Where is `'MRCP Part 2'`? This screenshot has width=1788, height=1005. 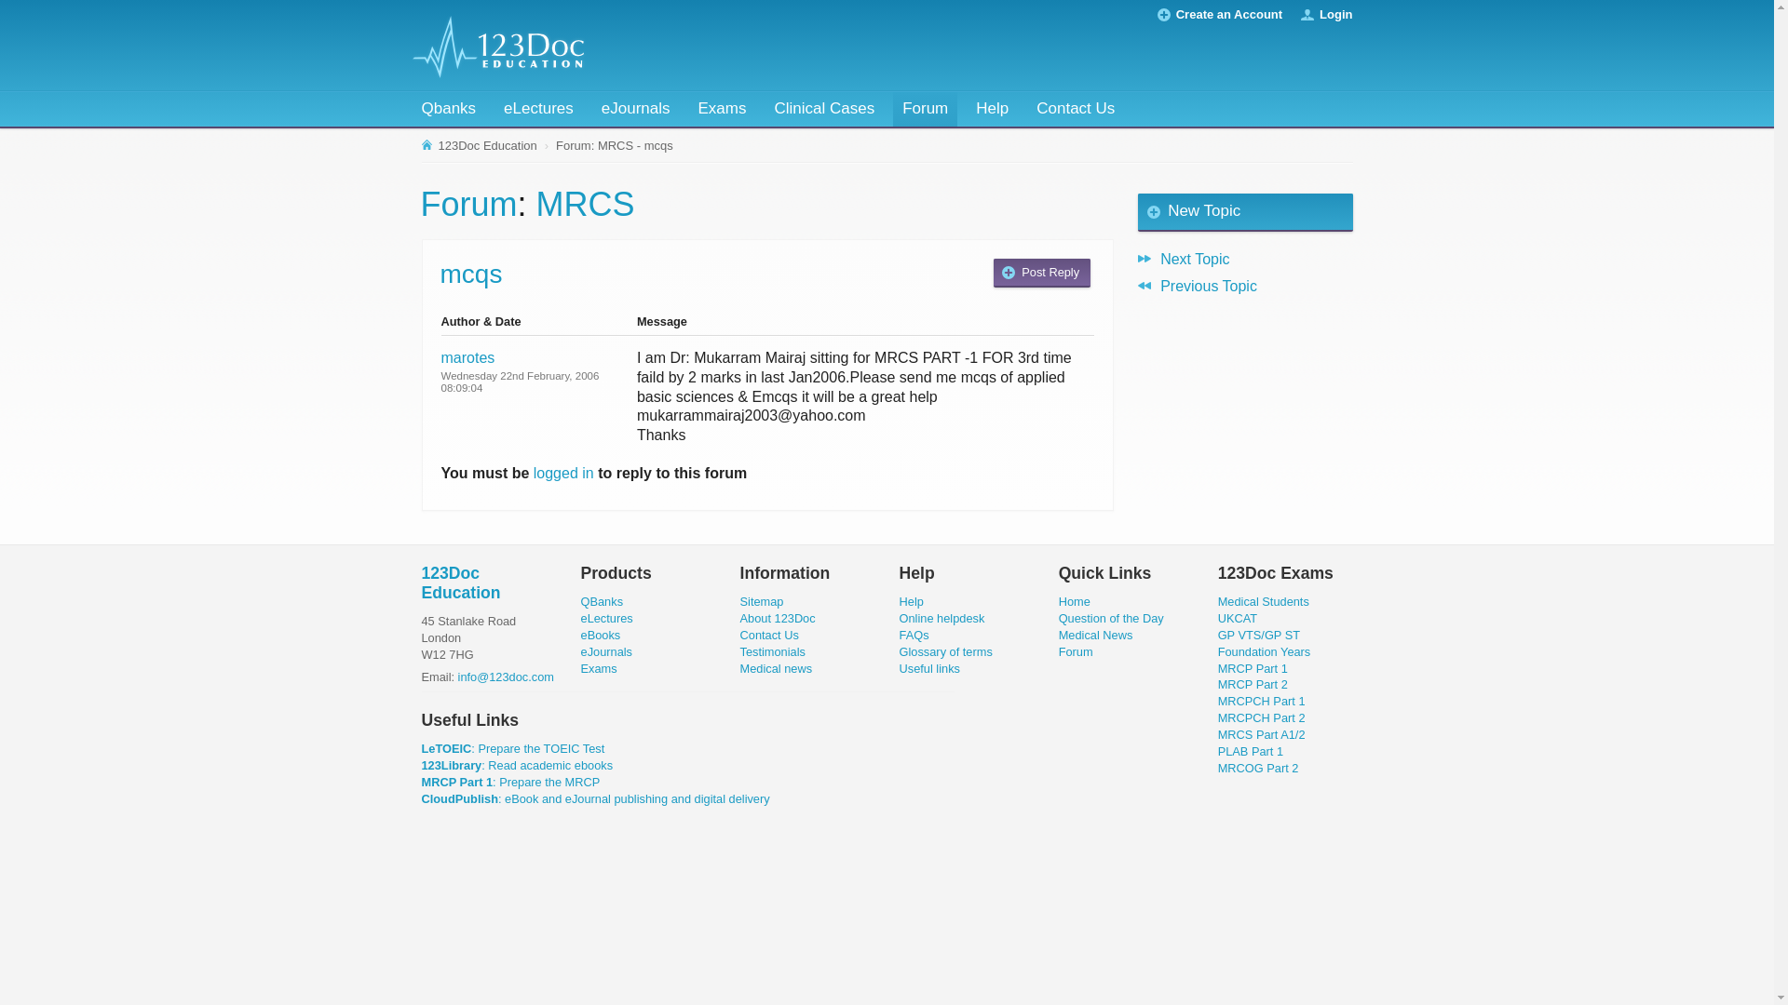
'MRCP Part 2' is located at coordinates (1253, 684).